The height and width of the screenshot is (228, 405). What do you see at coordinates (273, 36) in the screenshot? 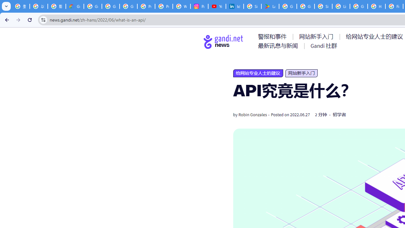
I see `'AutomationID: menu-item-77761'` at bounding box center [273, 36].